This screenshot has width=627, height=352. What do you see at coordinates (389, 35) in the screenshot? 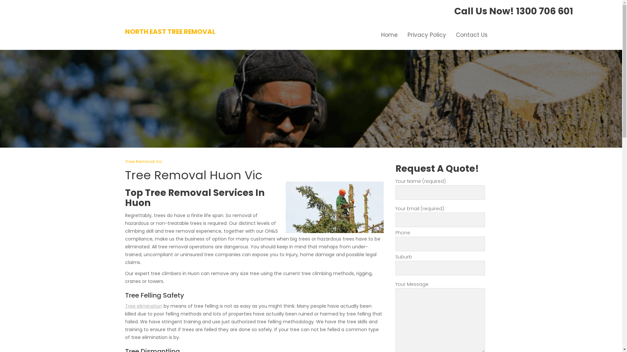
I see `'Home'` at bounding box center [389, 35].